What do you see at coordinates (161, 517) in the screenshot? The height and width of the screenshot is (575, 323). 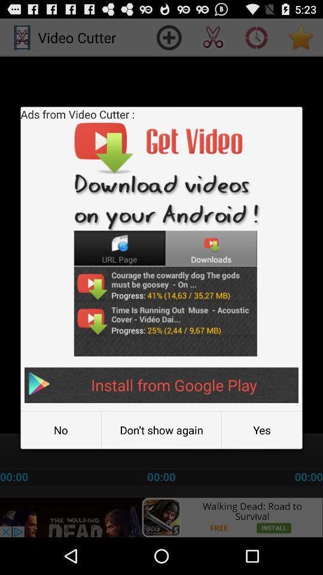 I see `launch advertisement link` at bounding box center [161, 517].